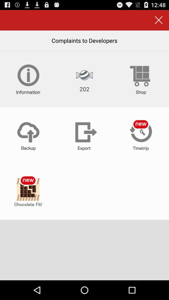 This screenshot has width=169, height=300. What do you see at coordinates (141, 135) in the screenshot?
I see `to add time` at bounding box center [141, 135].